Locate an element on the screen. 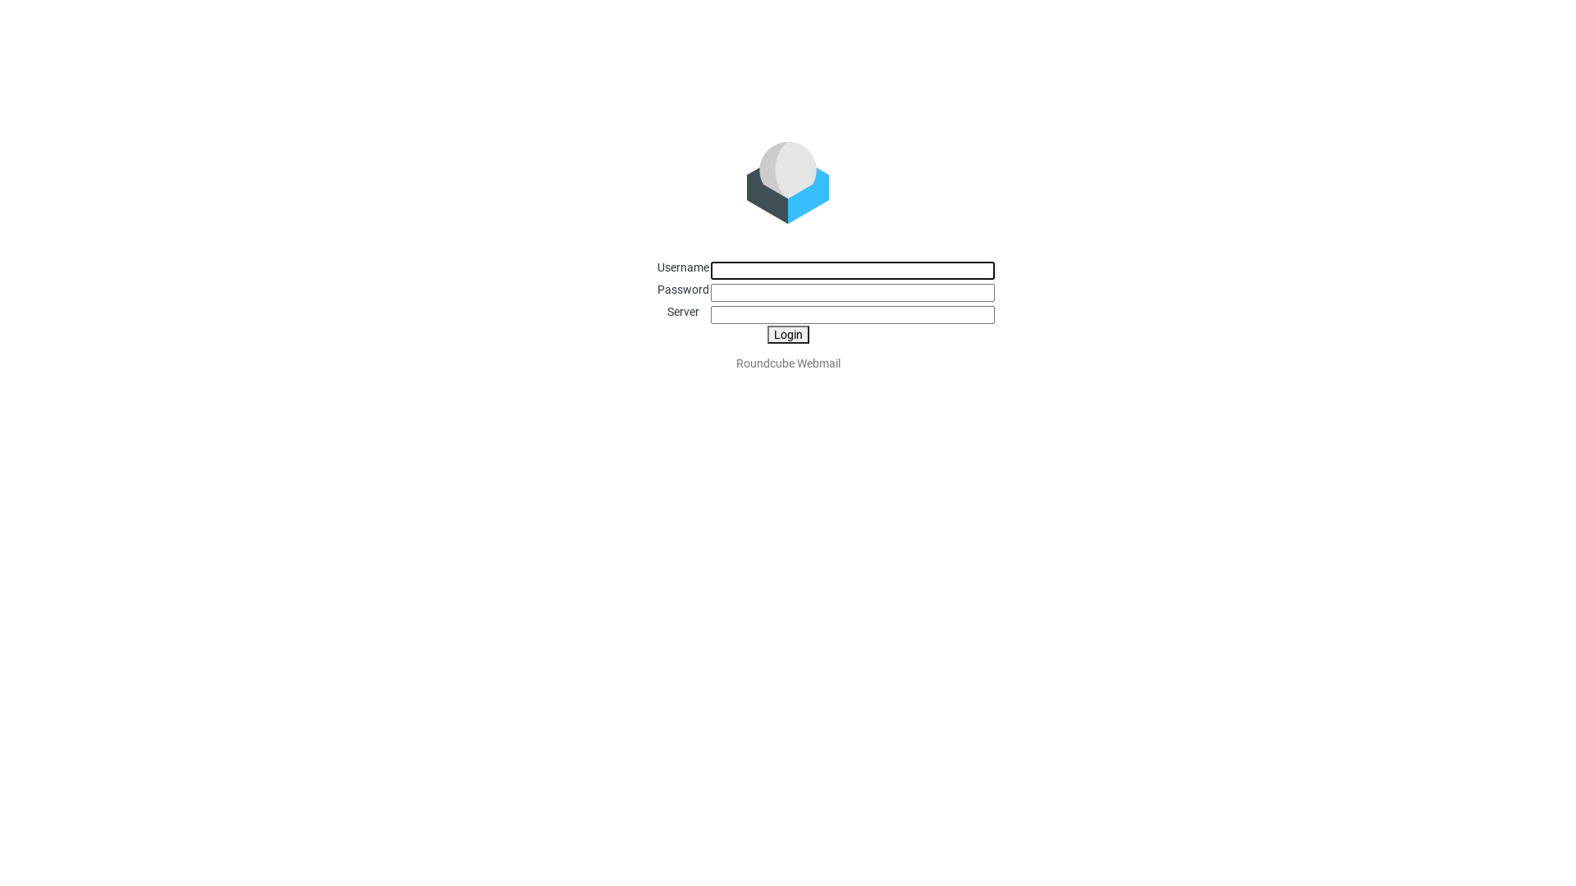 The width and height of the screenshot is (1576, 886). 'Login' is located at coordinates (786, 334).